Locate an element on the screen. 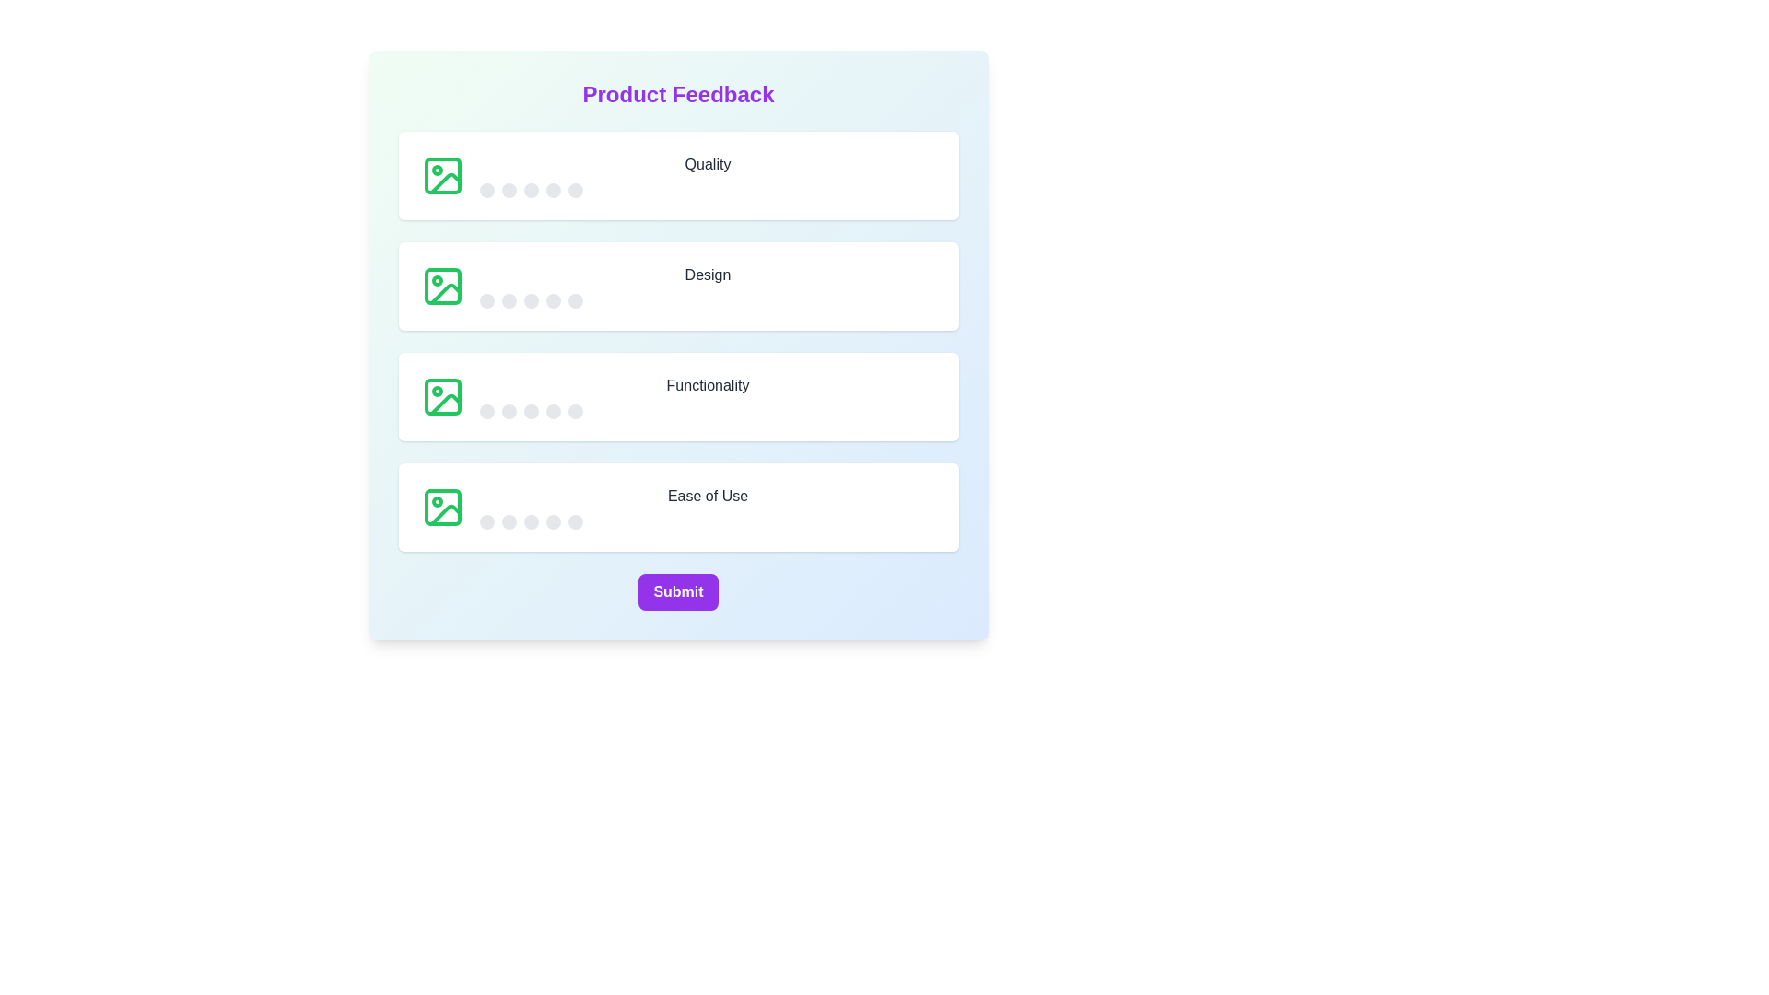  the image icon next to the category Functionality is located at coordinates (442, 396).